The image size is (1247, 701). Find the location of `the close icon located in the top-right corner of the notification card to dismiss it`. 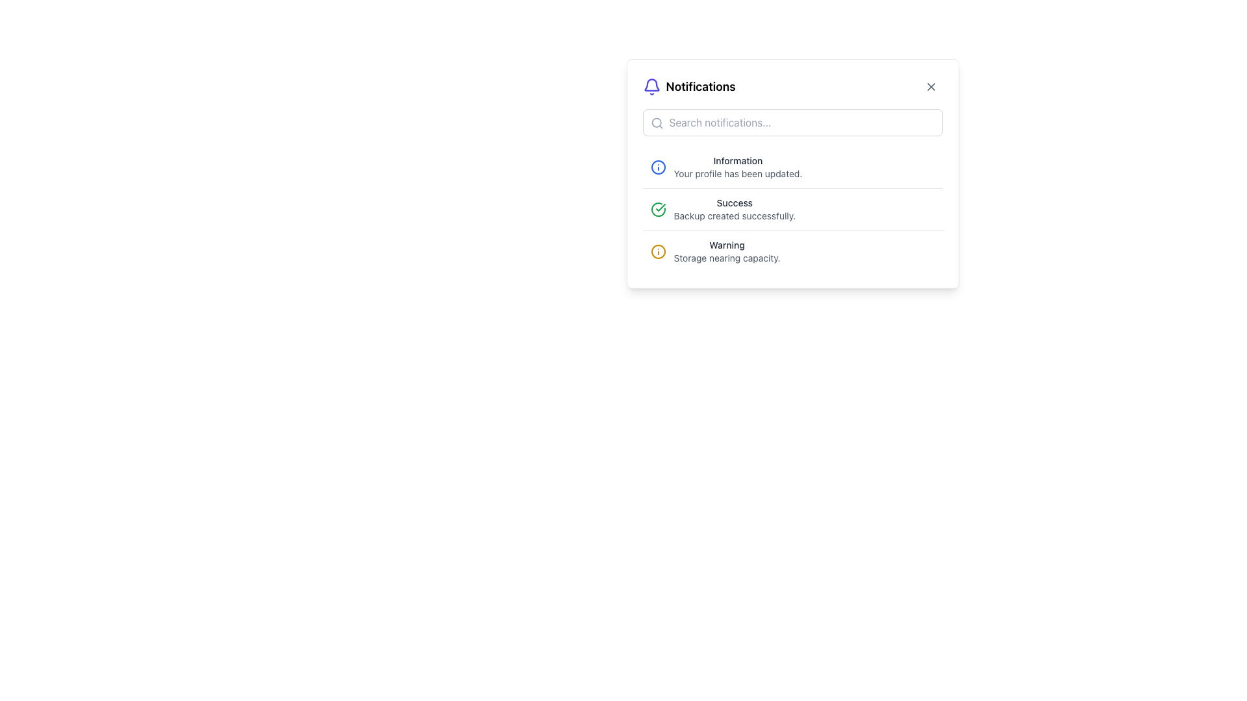

the close icon located in the top-right corner of the notification card to dismiss it is located at coordinates (930, 87).